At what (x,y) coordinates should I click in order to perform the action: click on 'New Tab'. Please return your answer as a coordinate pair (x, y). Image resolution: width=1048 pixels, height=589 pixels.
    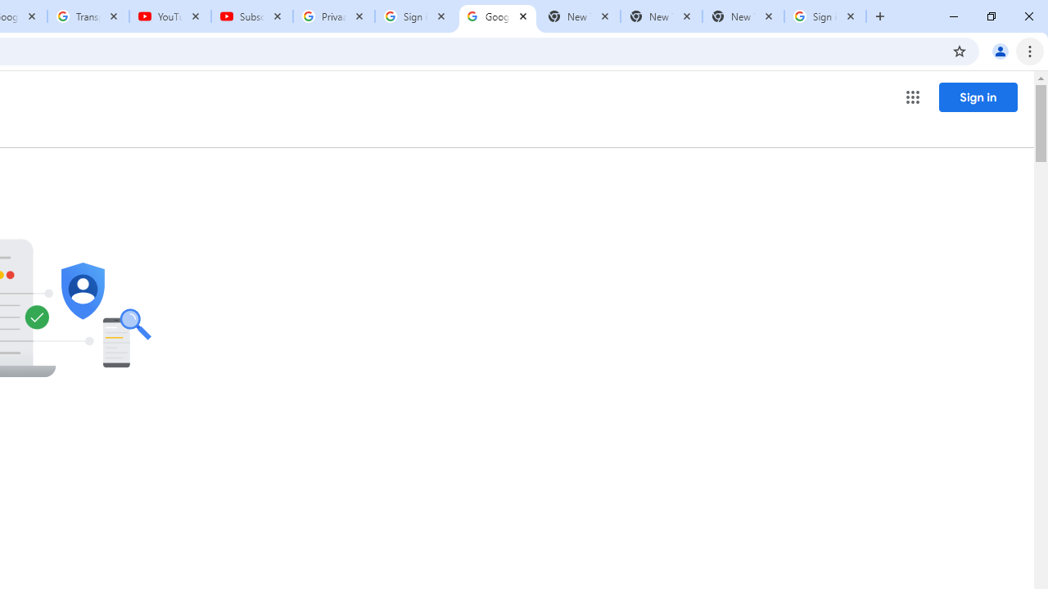
    Looking at the image, I should click on (742, 16).